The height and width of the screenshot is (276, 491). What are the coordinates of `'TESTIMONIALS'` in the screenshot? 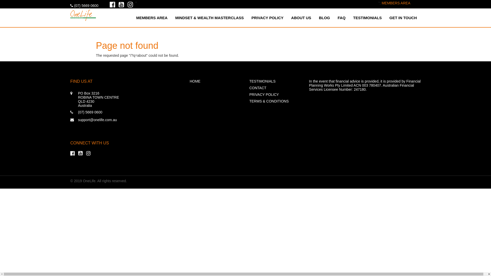 It's located at (275, 81).